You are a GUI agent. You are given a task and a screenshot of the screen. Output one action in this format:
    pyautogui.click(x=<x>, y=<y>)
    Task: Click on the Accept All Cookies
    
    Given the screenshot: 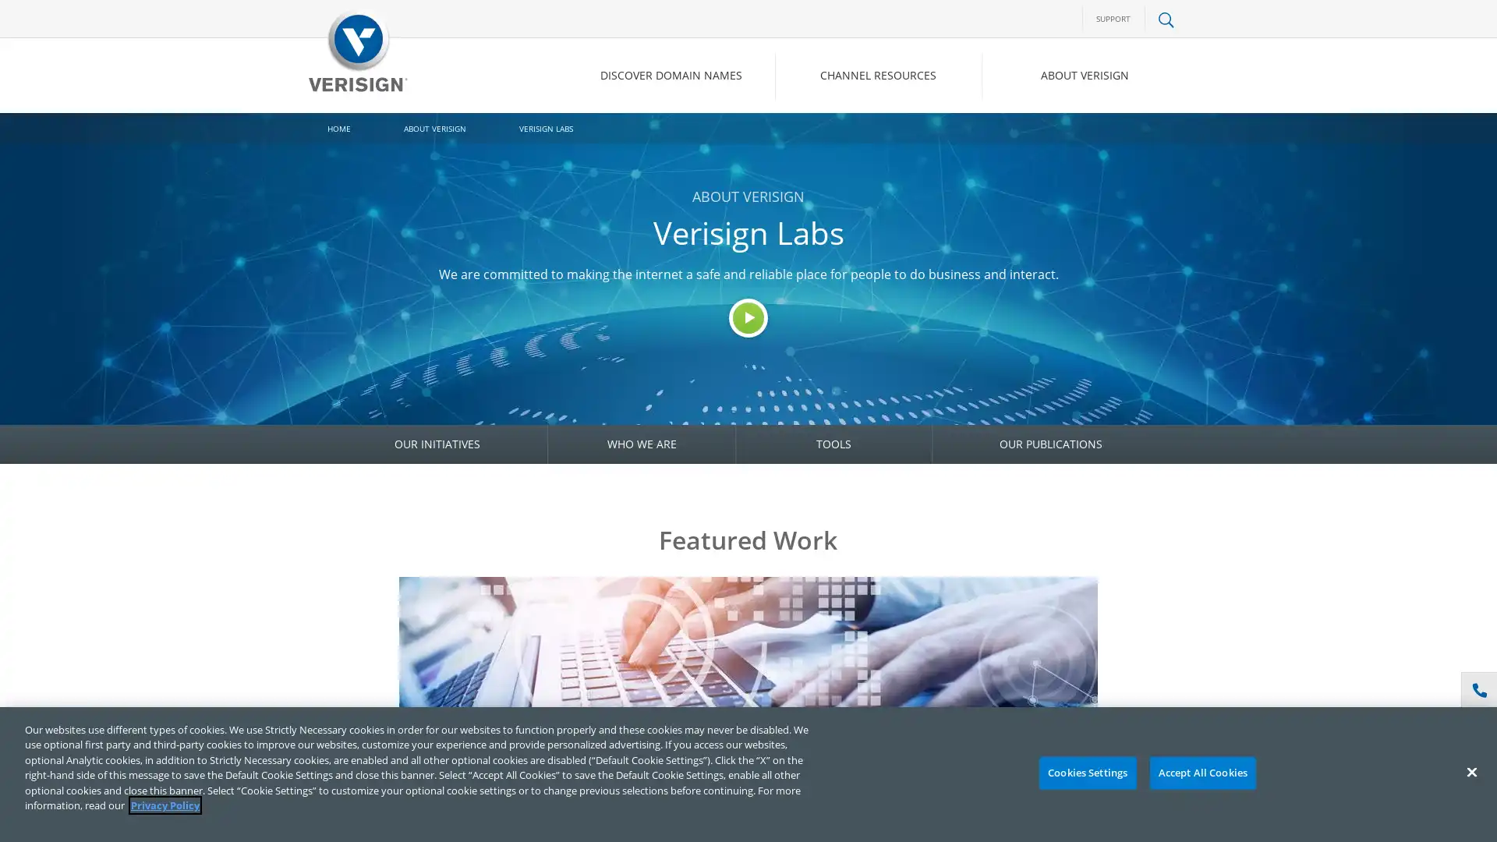 What is the action you would take?
    pyautogui.click(x=1201, y=773)
    